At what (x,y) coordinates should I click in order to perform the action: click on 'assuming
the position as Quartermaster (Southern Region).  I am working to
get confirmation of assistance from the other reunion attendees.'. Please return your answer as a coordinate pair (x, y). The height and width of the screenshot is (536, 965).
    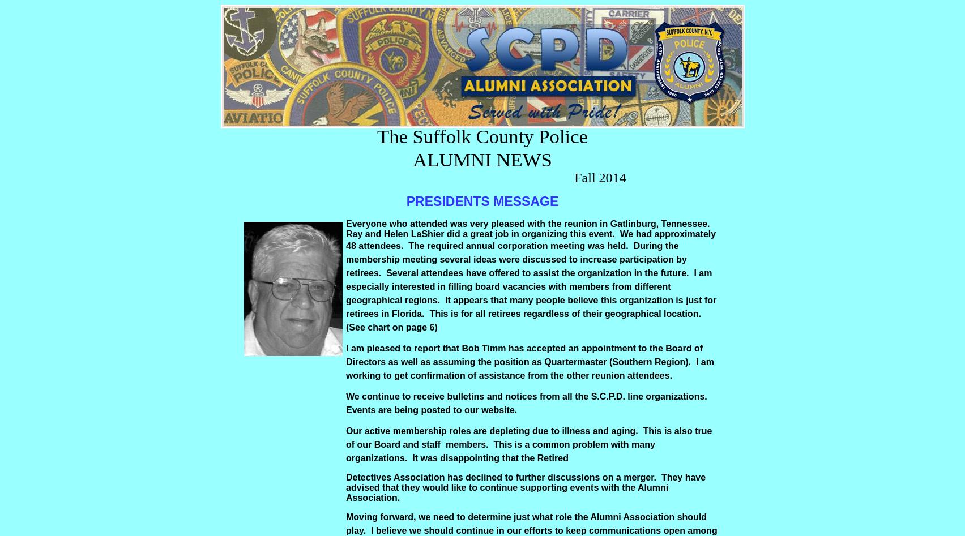
    Looking at the image, I should click on (530, 368).